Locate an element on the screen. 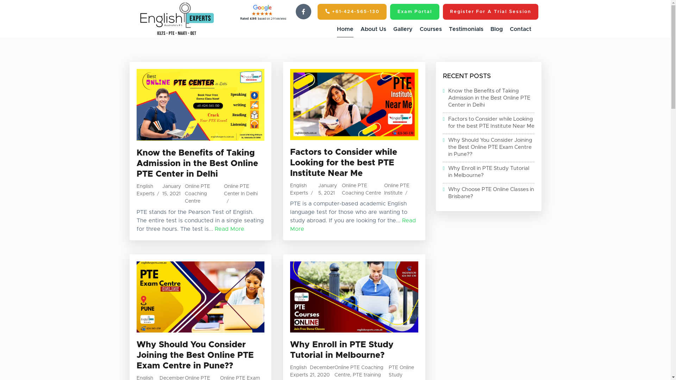  'Blog' is located at coordinates (496, 29).